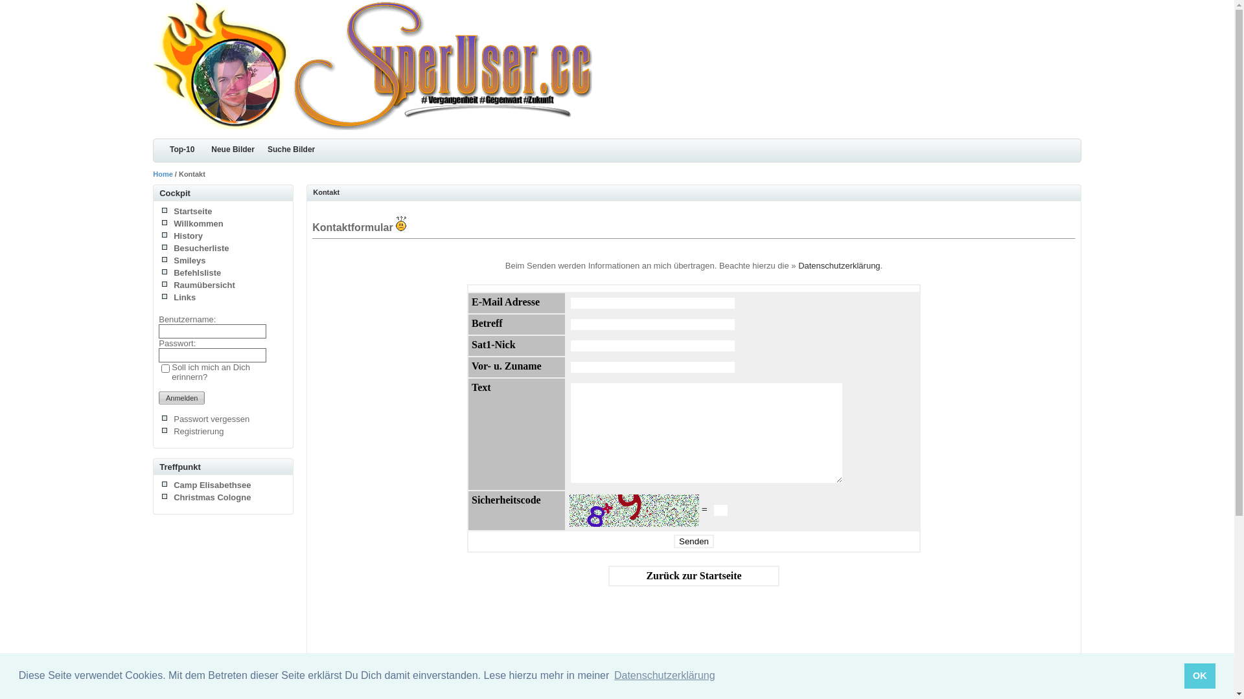 The width and height of the screenshot is (1244, 699). What do you see at coordinates (198, 431) in the screenshot?
I see `'Registrierung'` at bounding box center [198, 431].